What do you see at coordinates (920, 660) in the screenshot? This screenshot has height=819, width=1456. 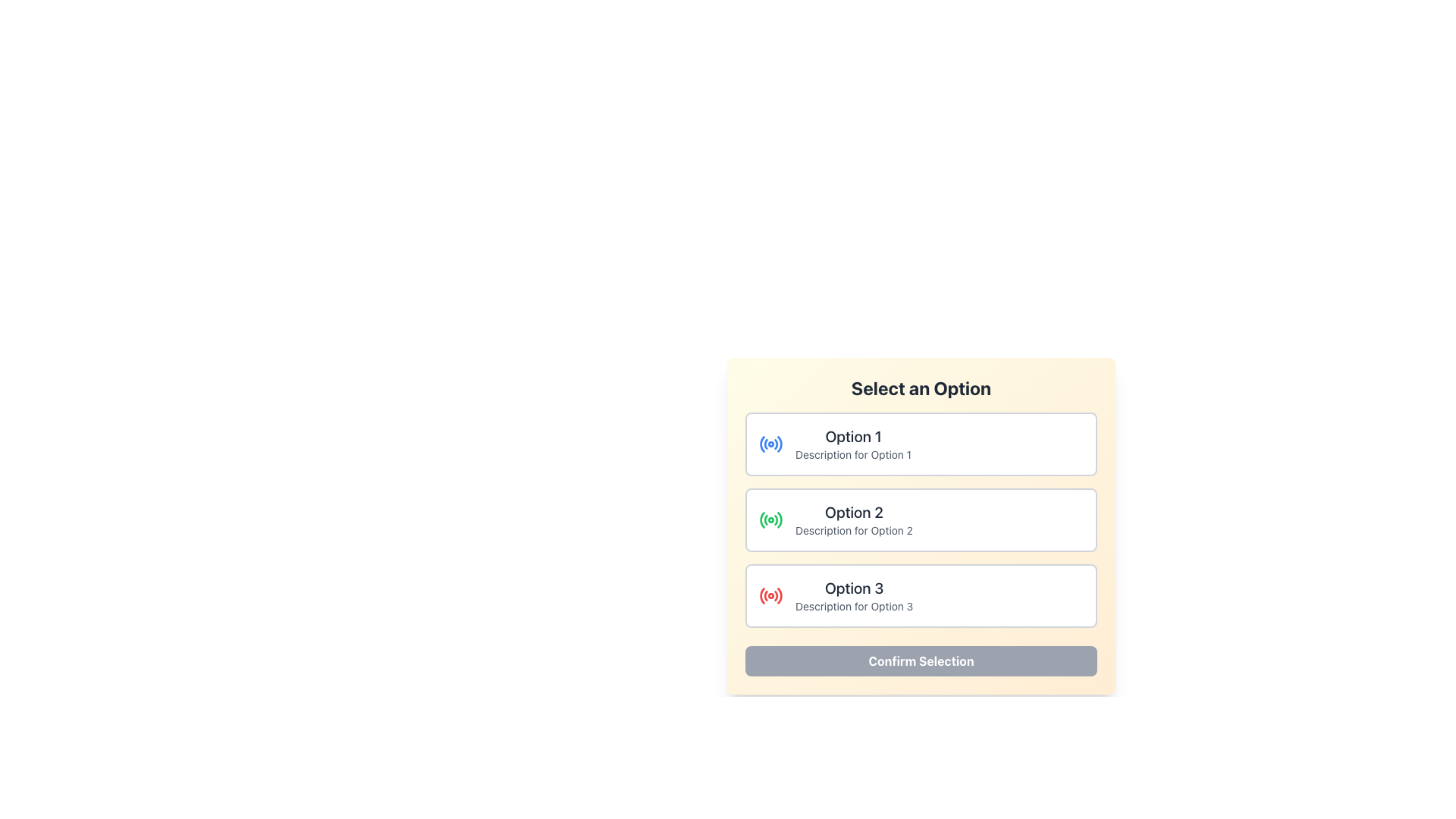 I see `the 'Confirm Selection' button, which is a rounded button with a medium gray background and white bold text, located at the bottom of the options panel` at bounding box center [920, 660].